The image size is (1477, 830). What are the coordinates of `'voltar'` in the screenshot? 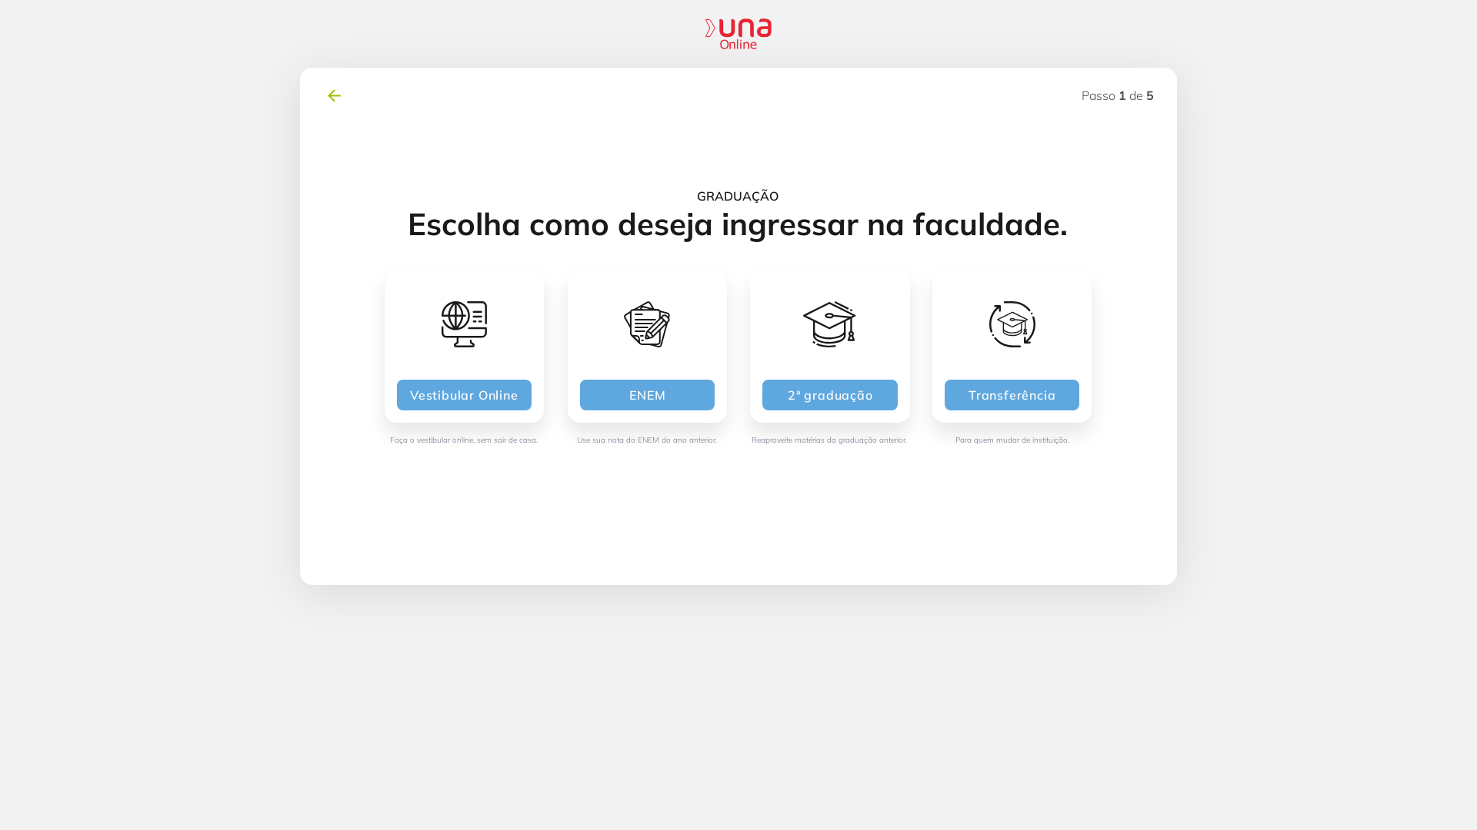 It's located at (333, 95).